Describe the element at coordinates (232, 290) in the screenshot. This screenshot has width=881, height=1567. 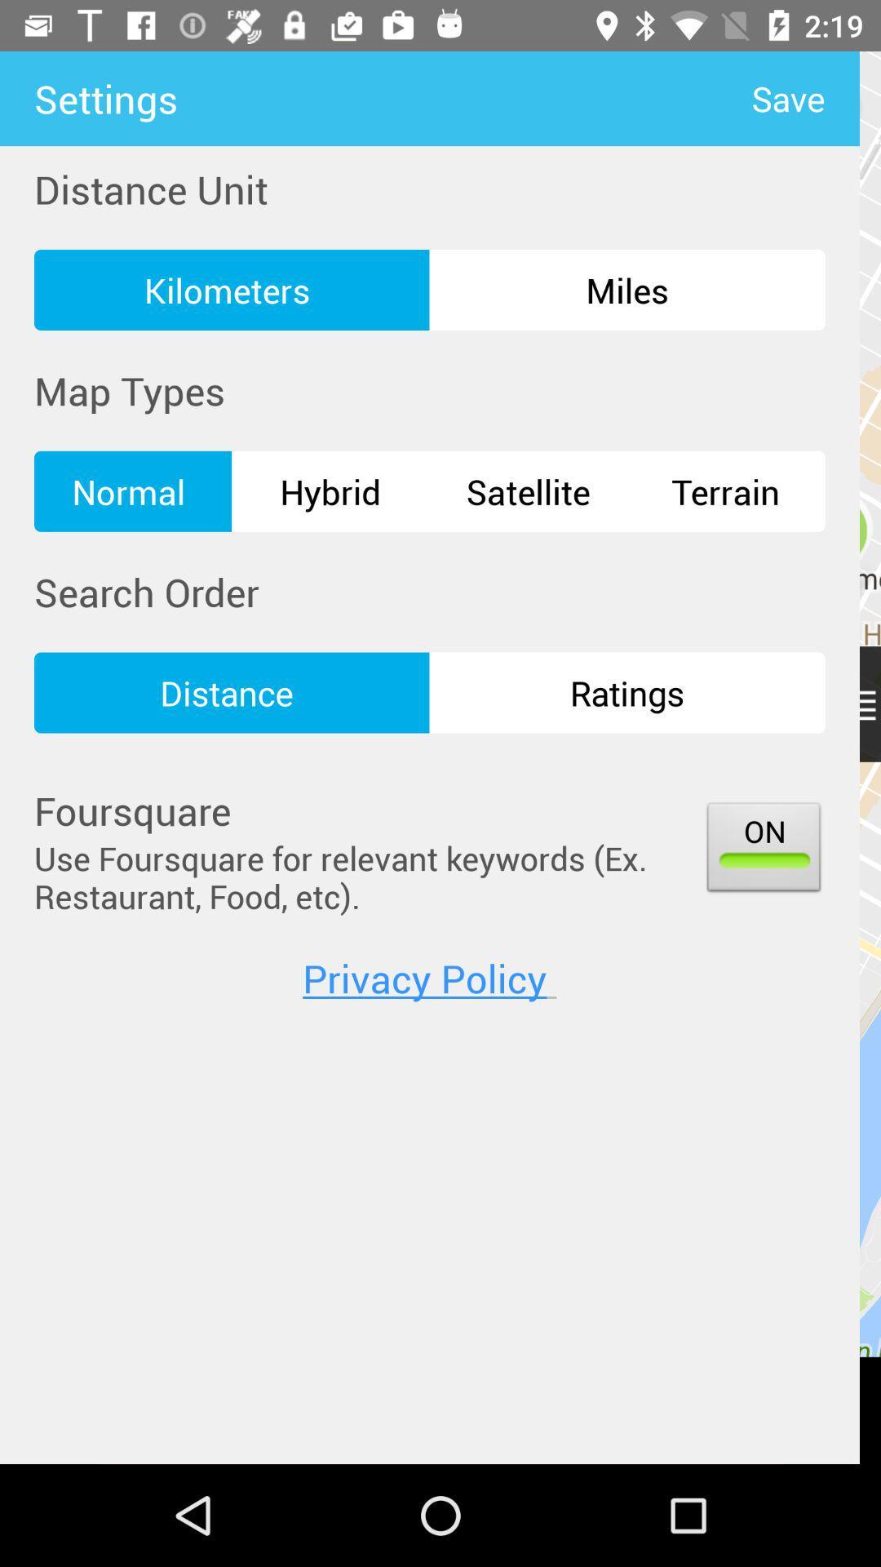
I see `the kilometers  icon` at that location.